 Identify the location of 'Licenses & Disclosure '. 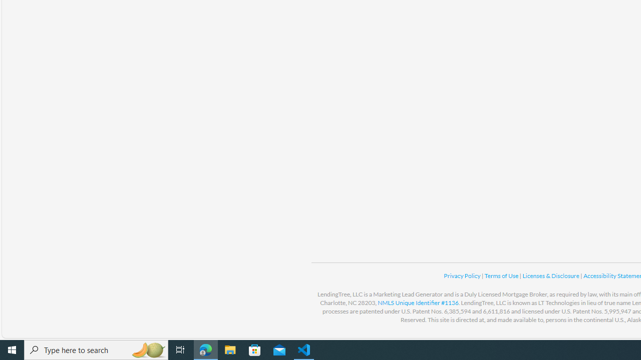
(550, 275).